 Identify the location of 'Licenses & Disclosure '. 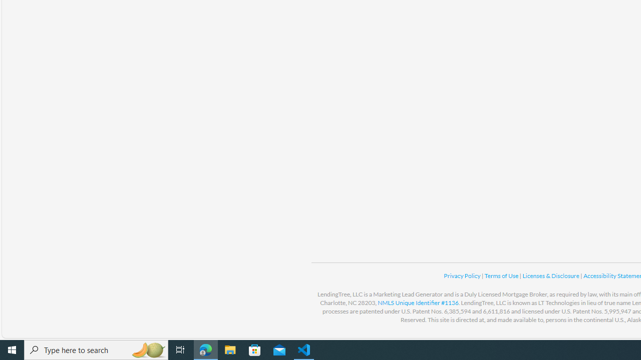
(550, 275).